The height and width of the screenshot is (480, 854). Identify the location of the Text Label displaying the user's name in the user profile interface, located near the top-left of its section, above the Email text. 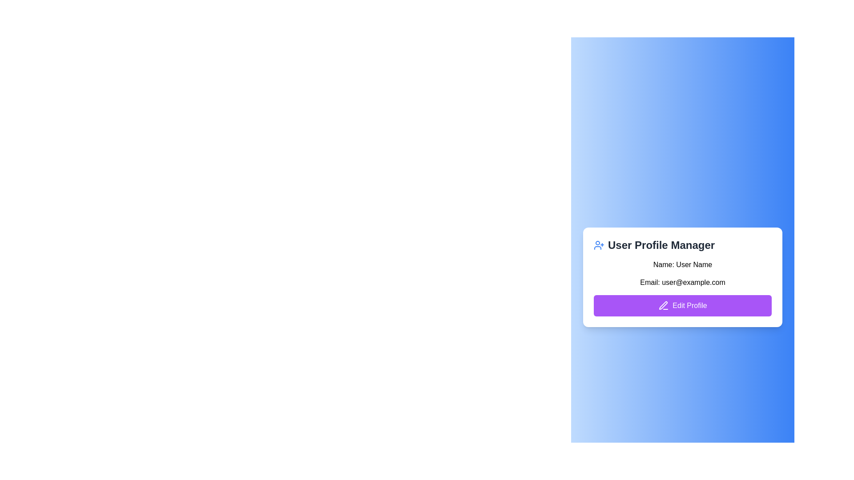
(682, 264).